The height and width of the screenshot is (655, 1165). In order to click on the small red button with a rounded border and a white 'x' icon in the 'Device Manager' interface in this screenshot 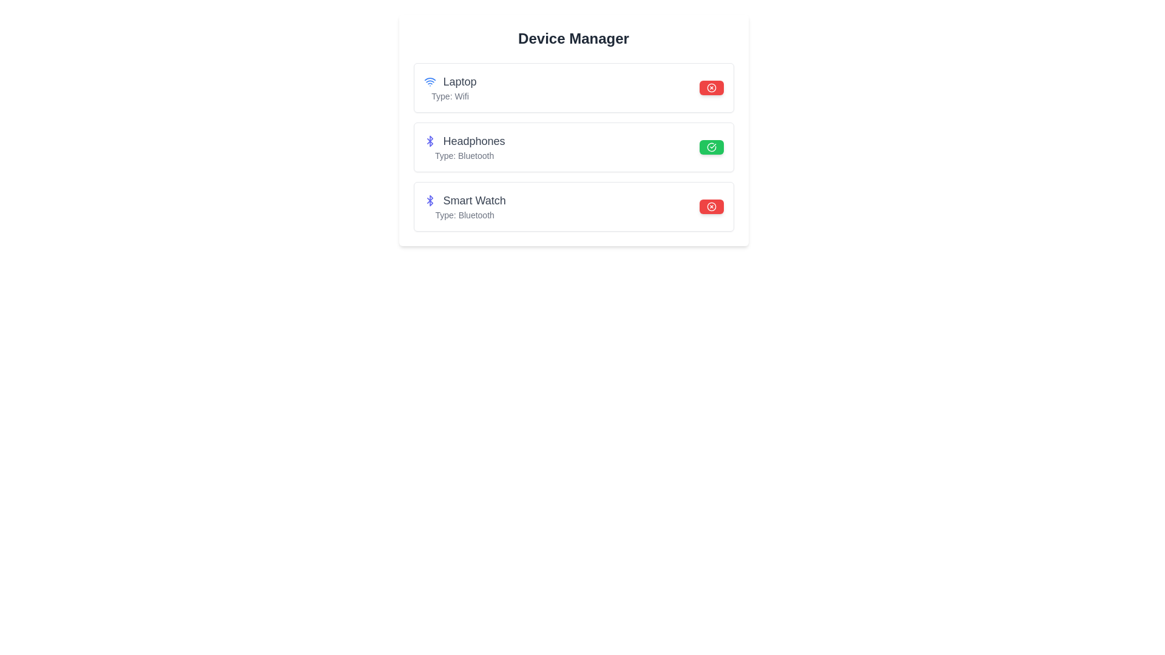, I will do `click(711, 206)`.